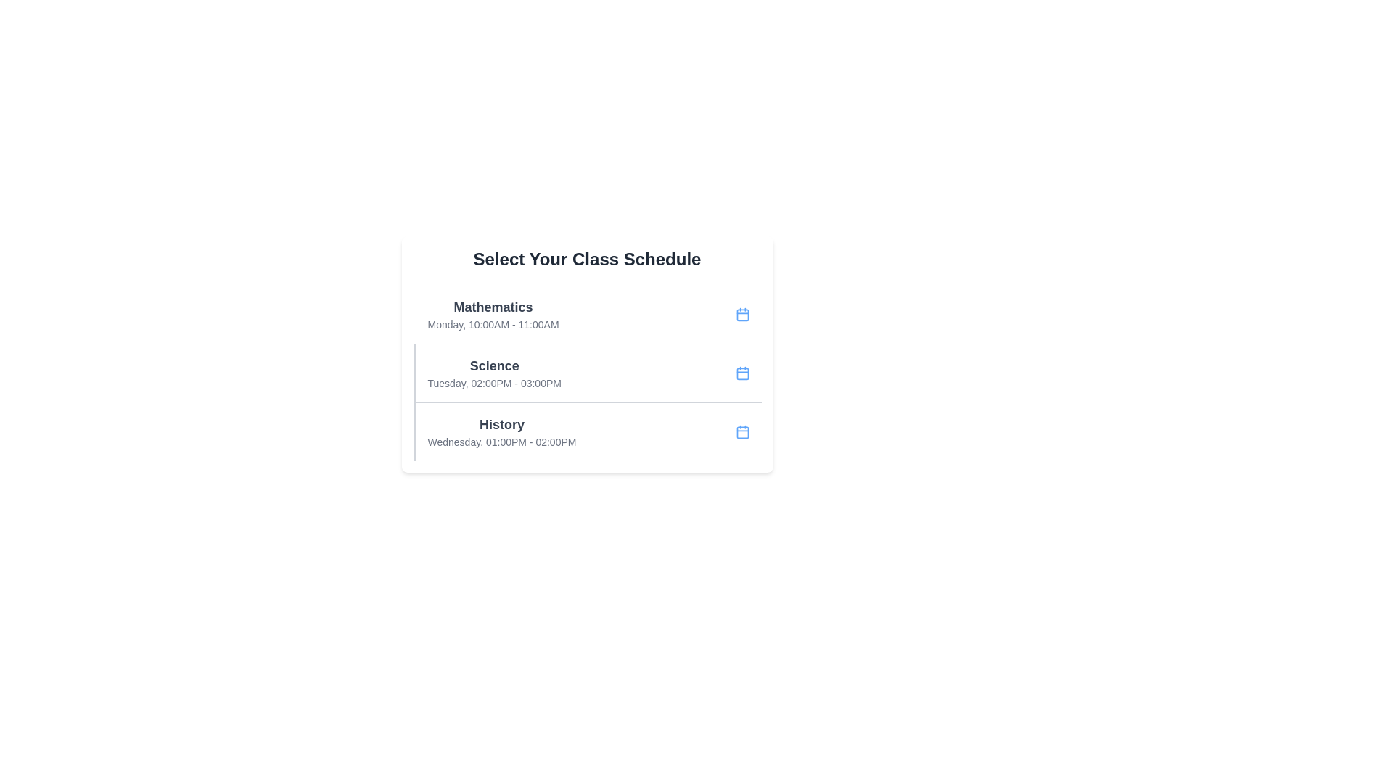 This screenshot has width=1393, height=783. What do you see at coordinates (493, 307) in the screenshot?
I see `the 'Mathematics' text label, which is a bold and slightly large heading in dark grey color located at the top of a schedule entry in a vertical list` at bounding box center [493, 307].